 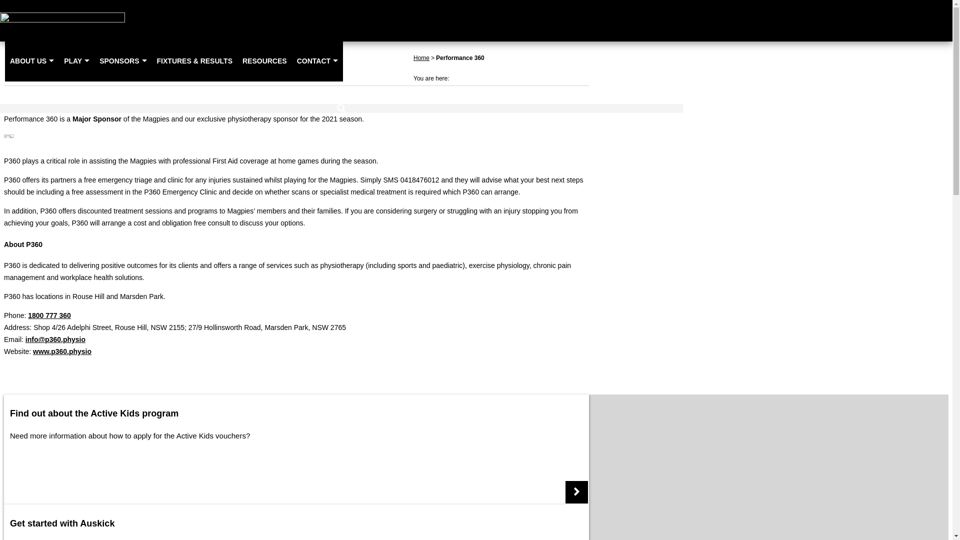 I want to click on 'SPONSORS', so click(x=122, y=60).